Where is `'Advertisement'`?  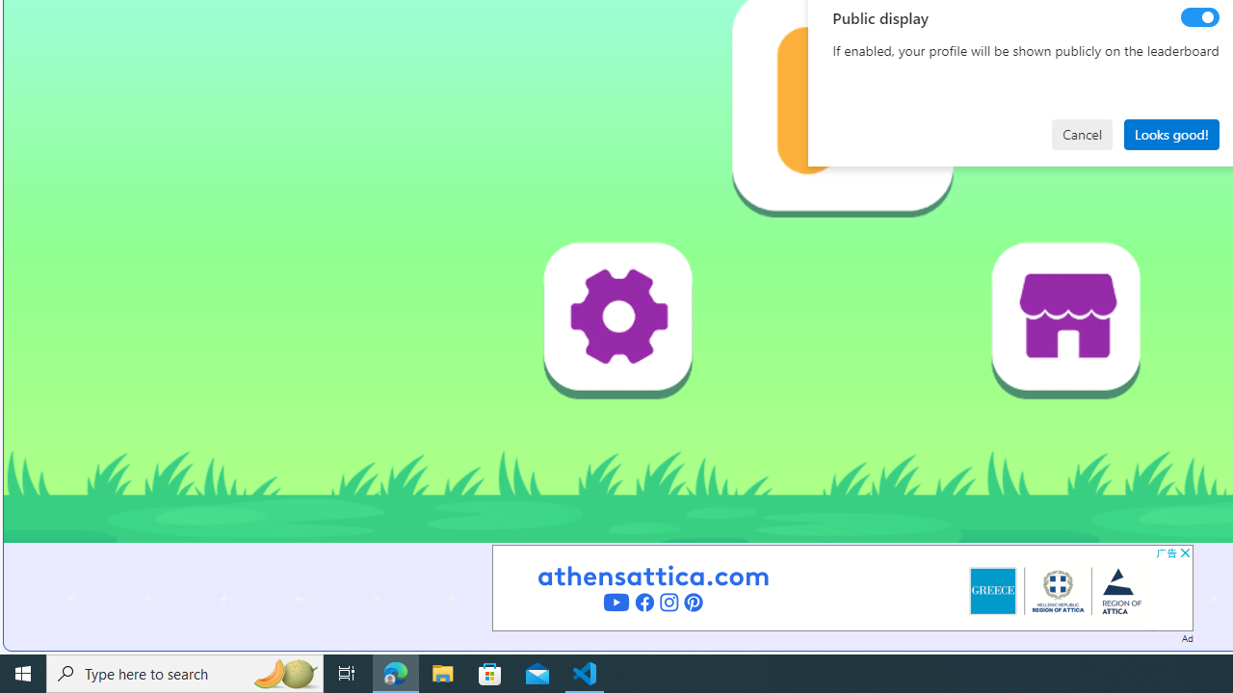
'Advertisement' is located at coordinates (842, 586).